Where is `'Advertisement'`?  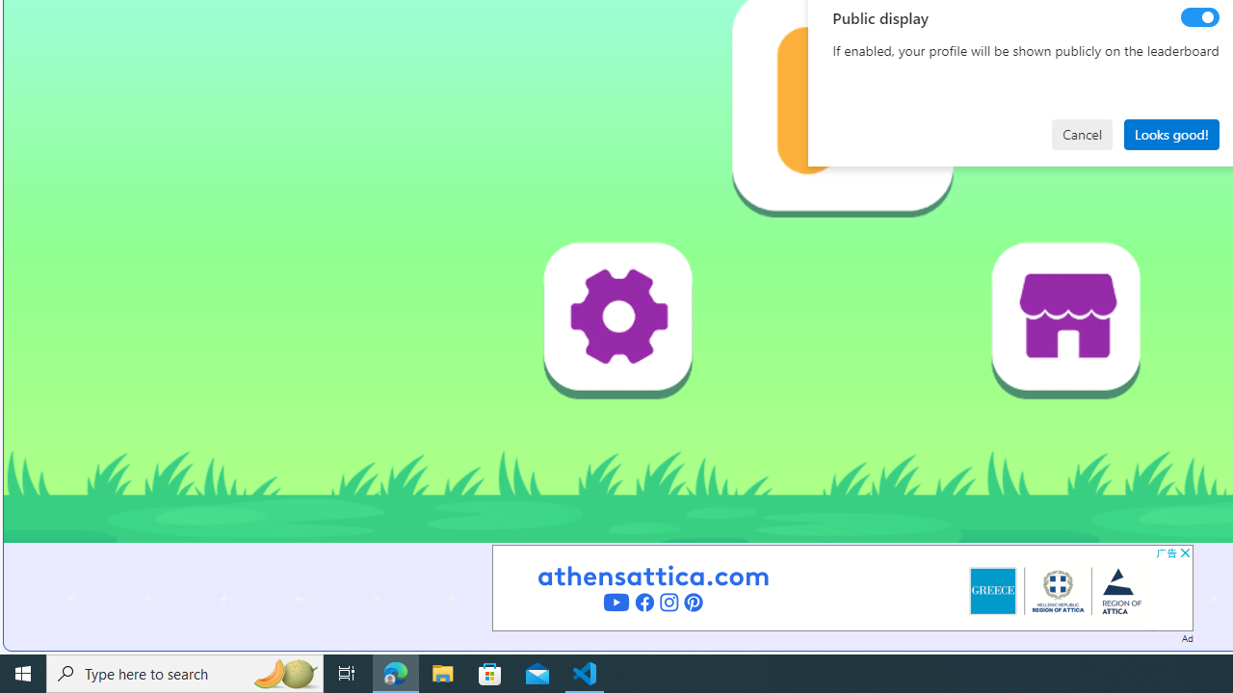
'Advertisement' is located at coordinates (842, 586).